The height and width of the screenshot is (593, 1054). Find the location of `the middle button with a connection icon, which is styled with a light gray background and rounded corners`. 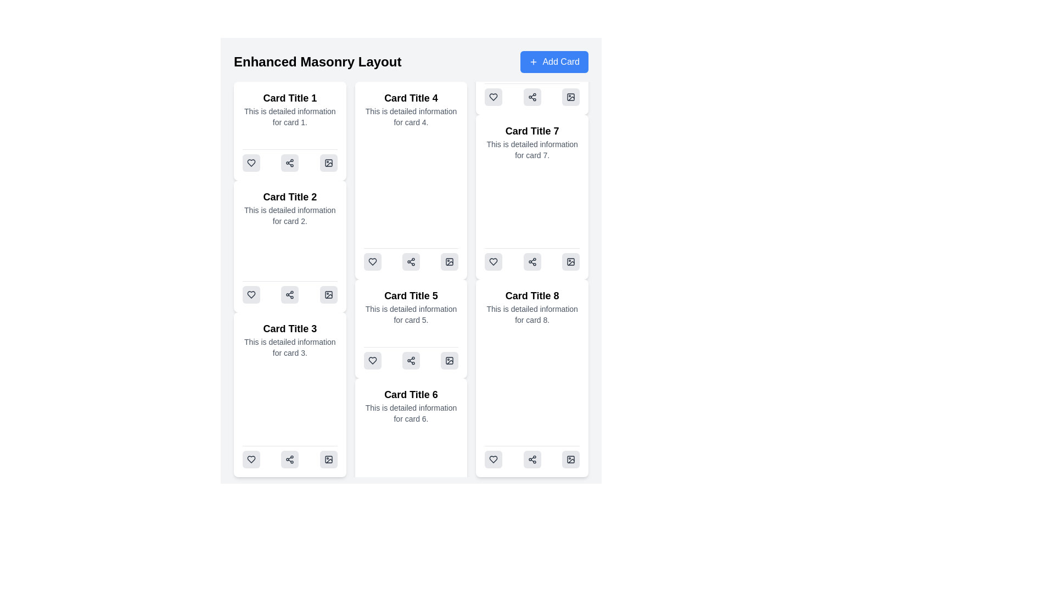

the middle button with a connection icon, which is styled with a light gray background and rounded corners is located at coordinates (290, 457).